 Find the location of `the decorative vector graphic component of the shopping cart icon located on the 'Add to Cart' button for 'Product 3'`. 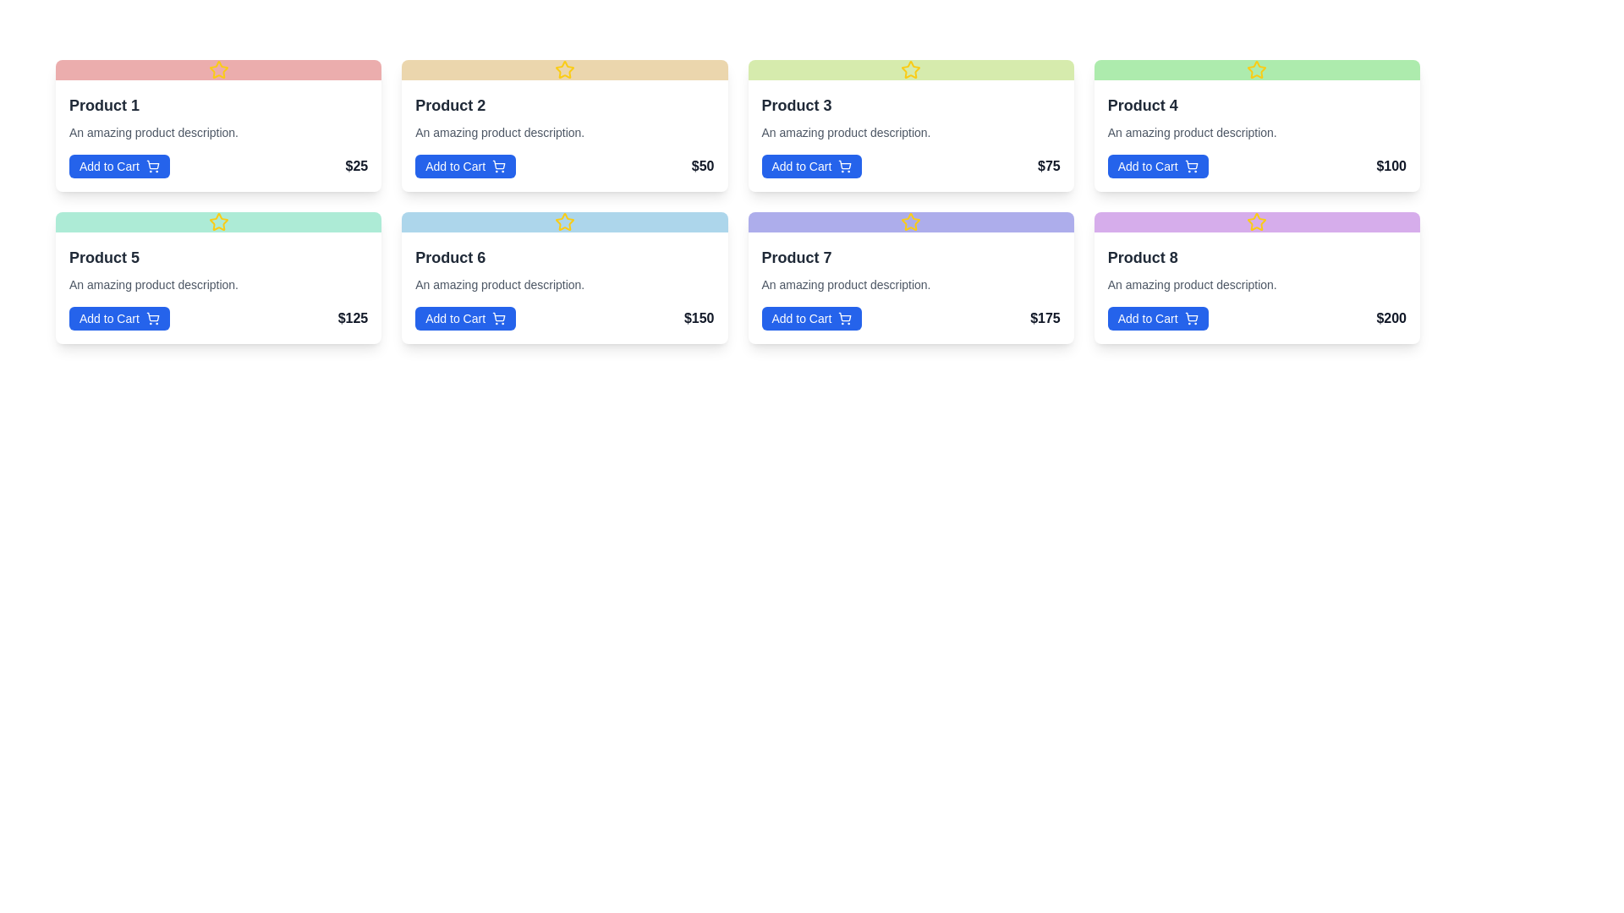

the decorative vector graphic component of the shopping cart icon located on the 'Add to Cart' button for 'Product 3' is located at coordinates (845, 165).